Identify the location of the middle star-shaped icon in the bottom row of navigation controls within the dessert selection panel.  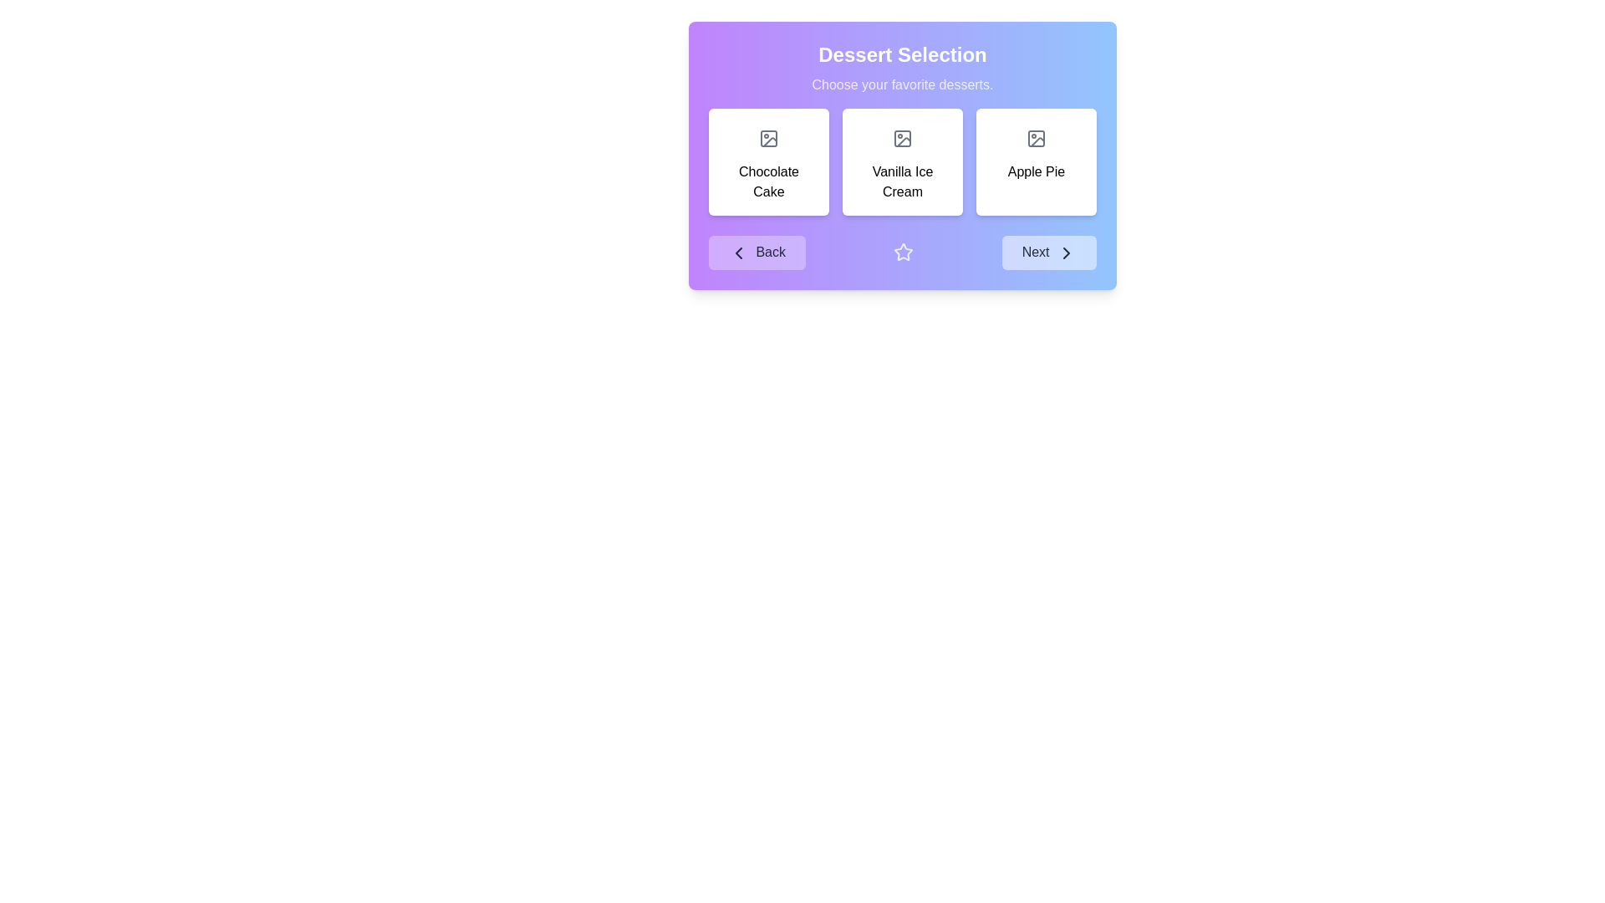
(902, 252).